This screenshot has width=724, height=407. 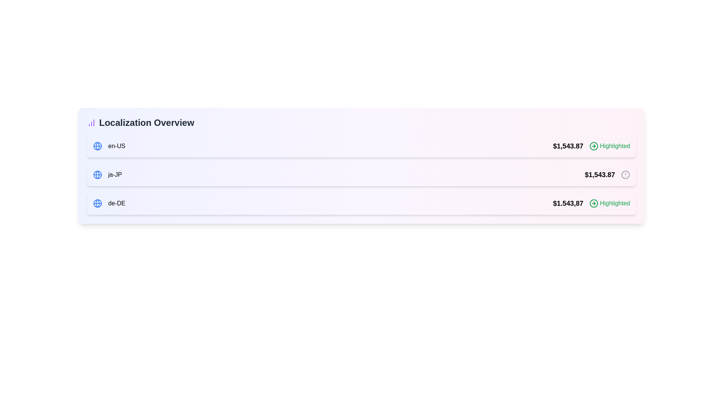 I want to click on the first item in the 'Localization Overview' list, which represents the 'en-US' locale and contains localization information, so click(x=361, y=146).